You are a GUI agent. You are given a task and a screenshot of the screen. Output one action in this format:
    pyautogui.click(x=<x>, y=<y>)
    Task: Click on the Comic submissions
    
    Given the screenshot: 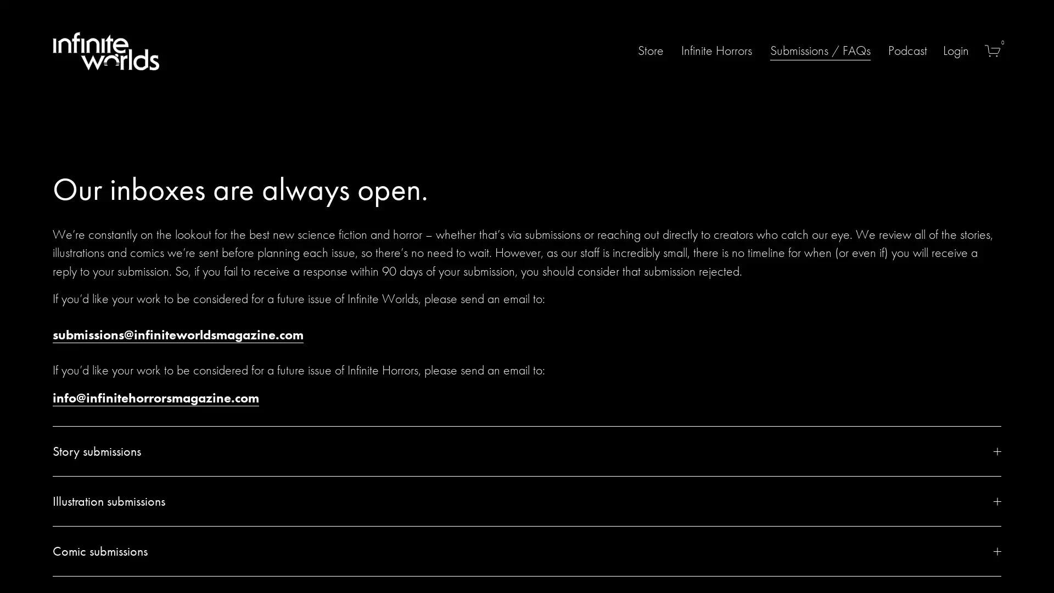 What is the action you would take?
    pyautogui.click(x=527, y=551)
    